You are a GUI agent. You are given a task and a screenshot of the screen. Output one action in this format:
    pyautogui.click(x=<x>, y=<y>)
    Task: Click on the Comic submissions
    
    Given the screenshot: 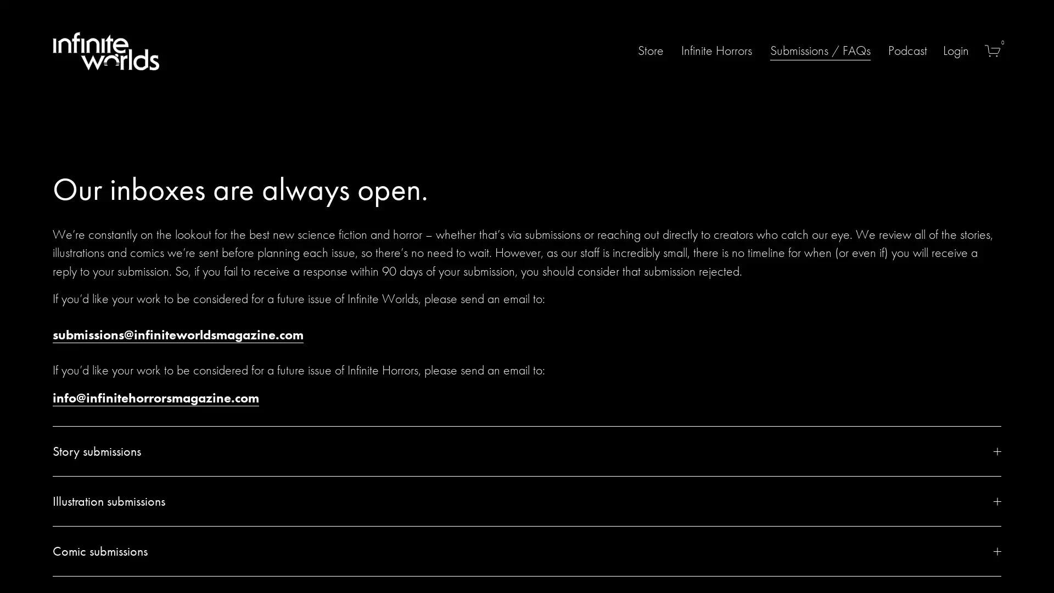 What is the action you would take?
    pyautogui.click(x=527, y=551)
    